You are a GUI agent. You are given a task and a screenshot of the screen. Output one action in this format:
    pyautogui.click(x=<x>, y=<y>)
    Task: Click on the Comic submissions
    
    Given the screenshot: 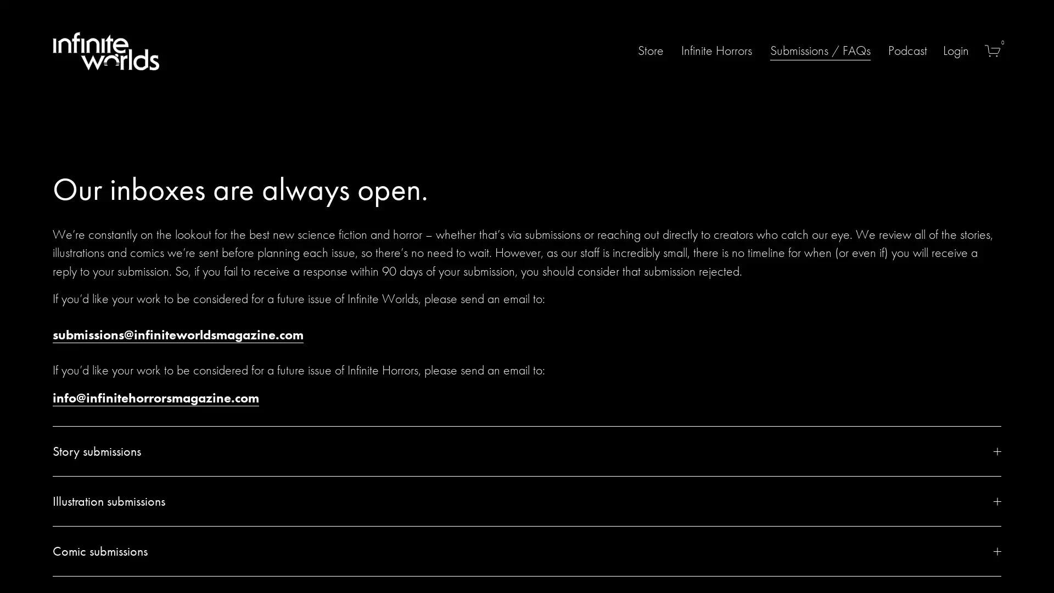 What is the action you would take?
    pyautogui.click(x=527, y=551)
    